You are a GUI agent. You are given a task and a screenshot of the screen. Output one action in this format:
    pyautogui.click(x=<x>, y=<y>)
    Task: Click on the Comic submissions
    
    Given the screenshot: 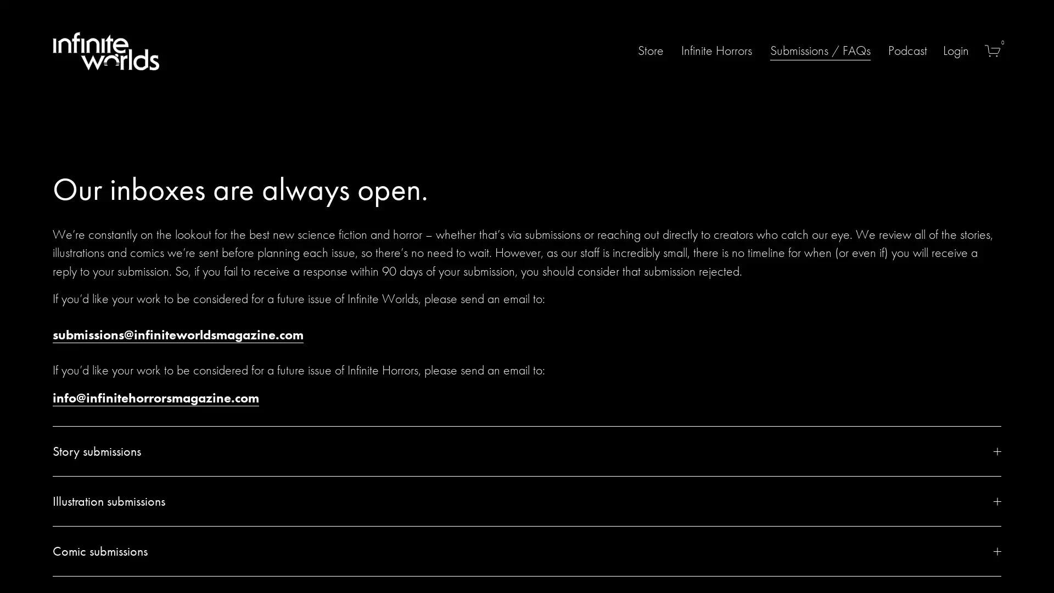 What is the action you would take?
    pyautogui.click(x=527, y=551)
    